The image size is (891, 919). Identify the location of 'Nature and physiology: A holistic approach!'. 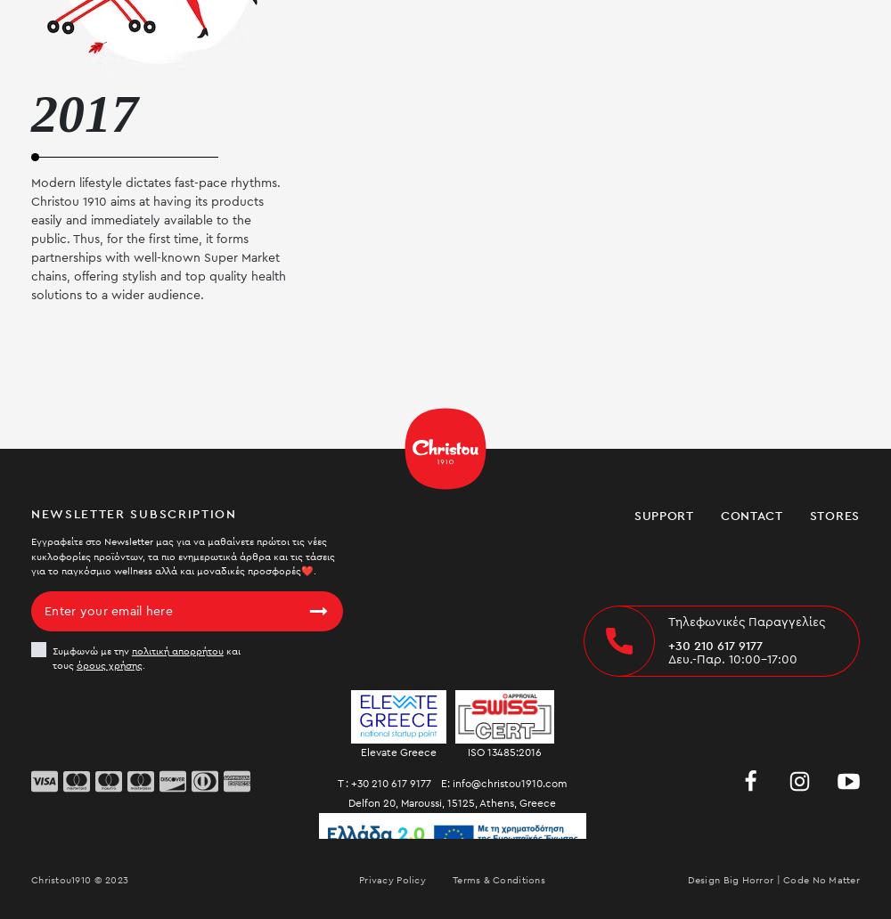
(724, 242).